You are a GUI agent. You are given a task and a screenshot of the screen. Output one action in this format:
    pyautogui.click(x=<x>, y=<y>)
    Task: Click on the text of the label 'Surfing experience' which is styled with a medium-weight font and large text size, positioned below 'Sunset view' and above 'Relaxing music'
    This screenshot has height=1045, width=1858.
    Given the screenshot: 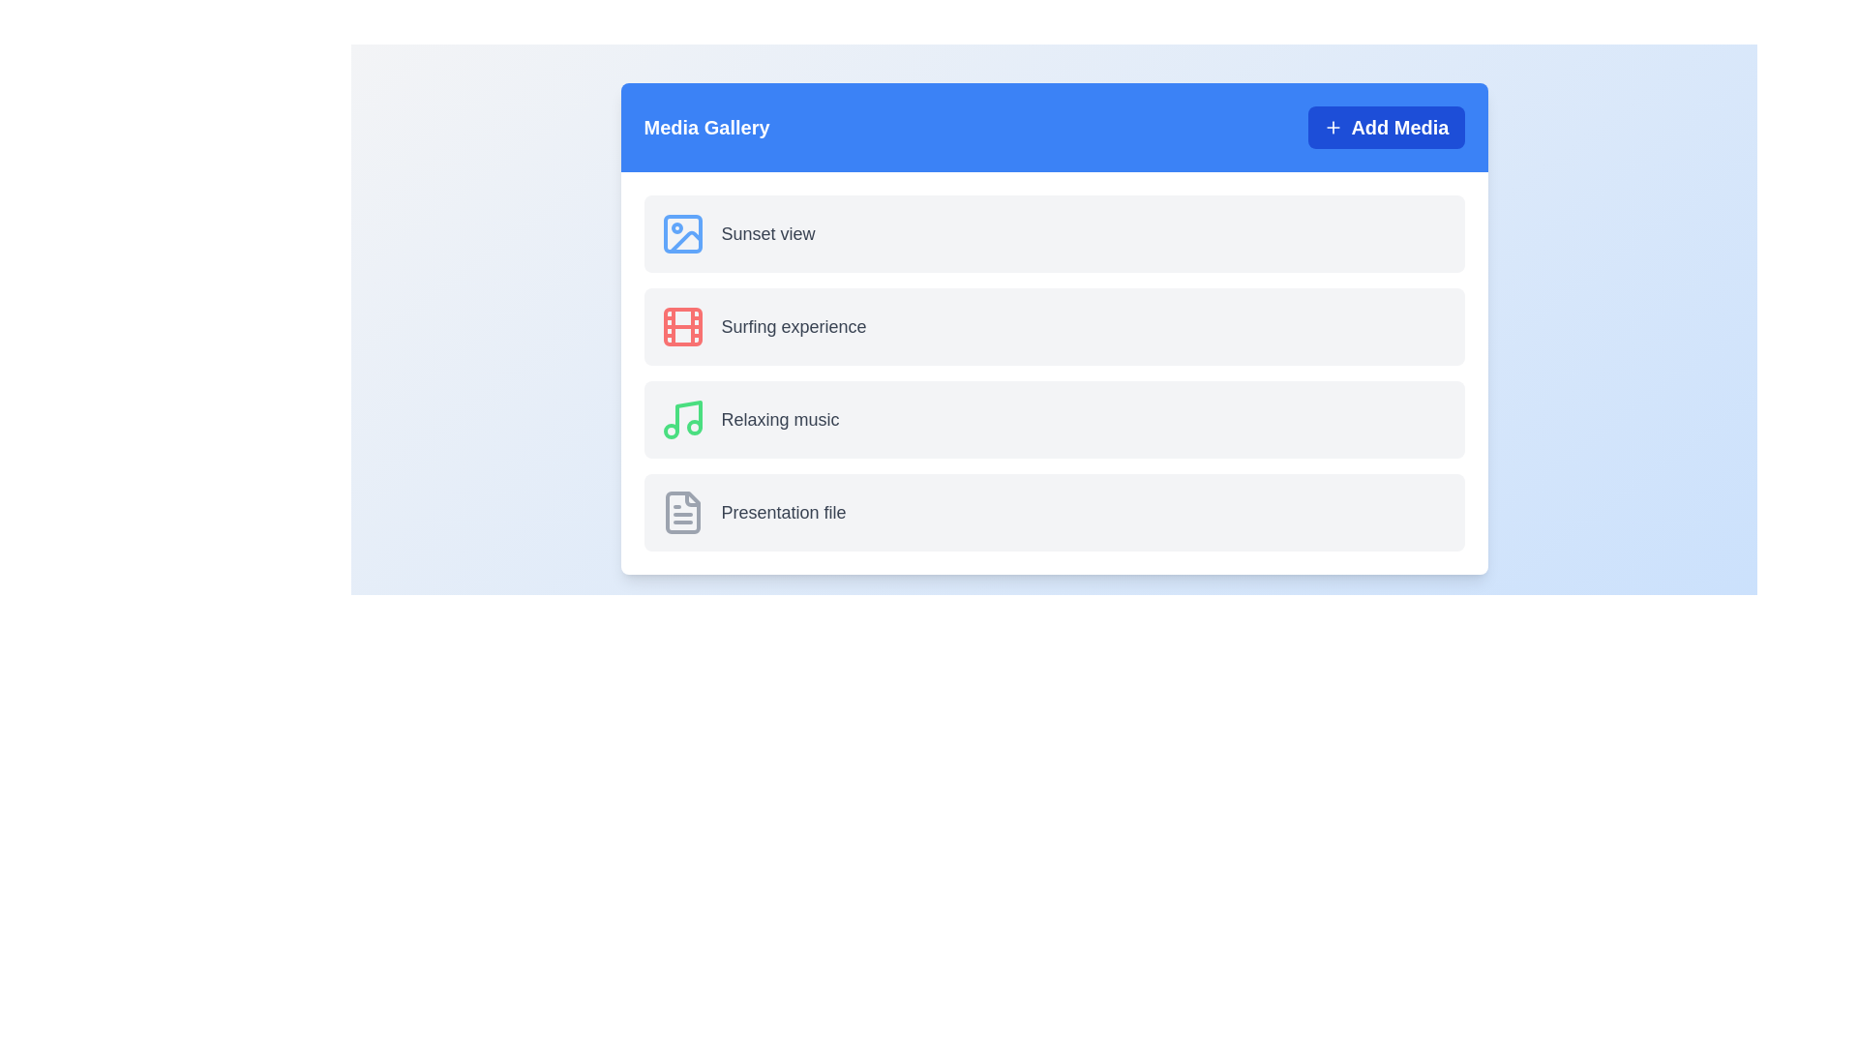 What is the action you would take?
    pyautogui.click(x=794, y=326)
    